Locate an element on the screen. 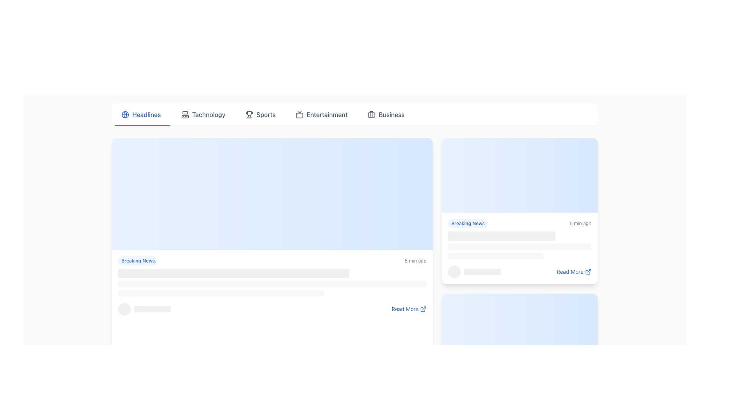 This screenshot has height=420, width=747. the text label displaying '5 min ago', which is part of a timestamp in the third column of the page, located to the right of the 'Breaking News' label is located at coordinates (580, 223).